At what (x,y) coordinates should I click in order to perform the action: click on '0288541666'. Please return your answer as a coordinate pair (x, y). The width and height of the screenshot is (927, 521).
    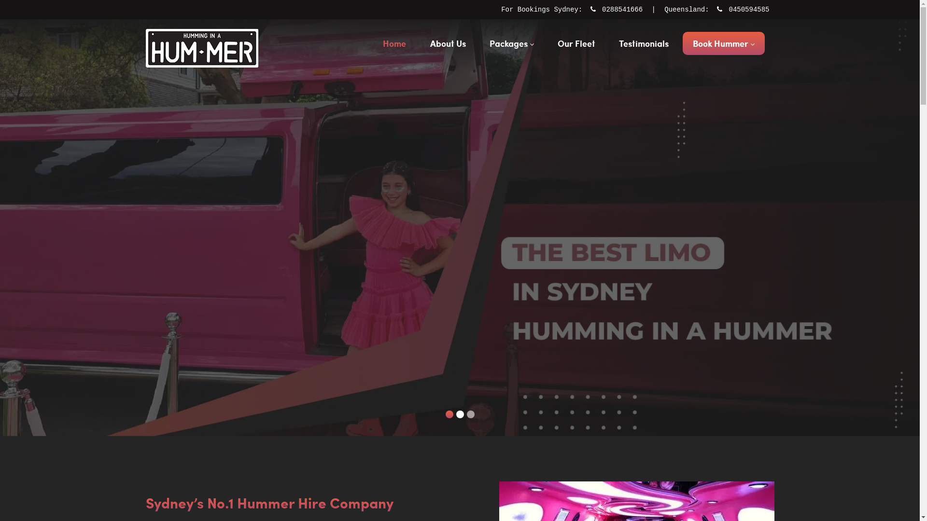
    Looking at the image, I should click on (602, 9).